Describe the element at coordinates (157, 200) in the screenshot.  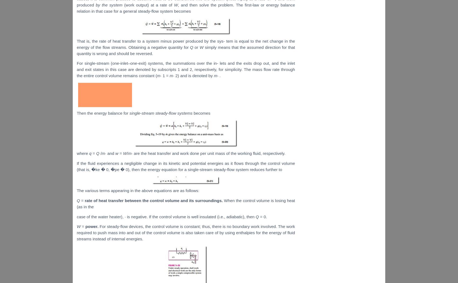
I see `'e of heat transfer between the control volume and its surroundings.'` at that location.